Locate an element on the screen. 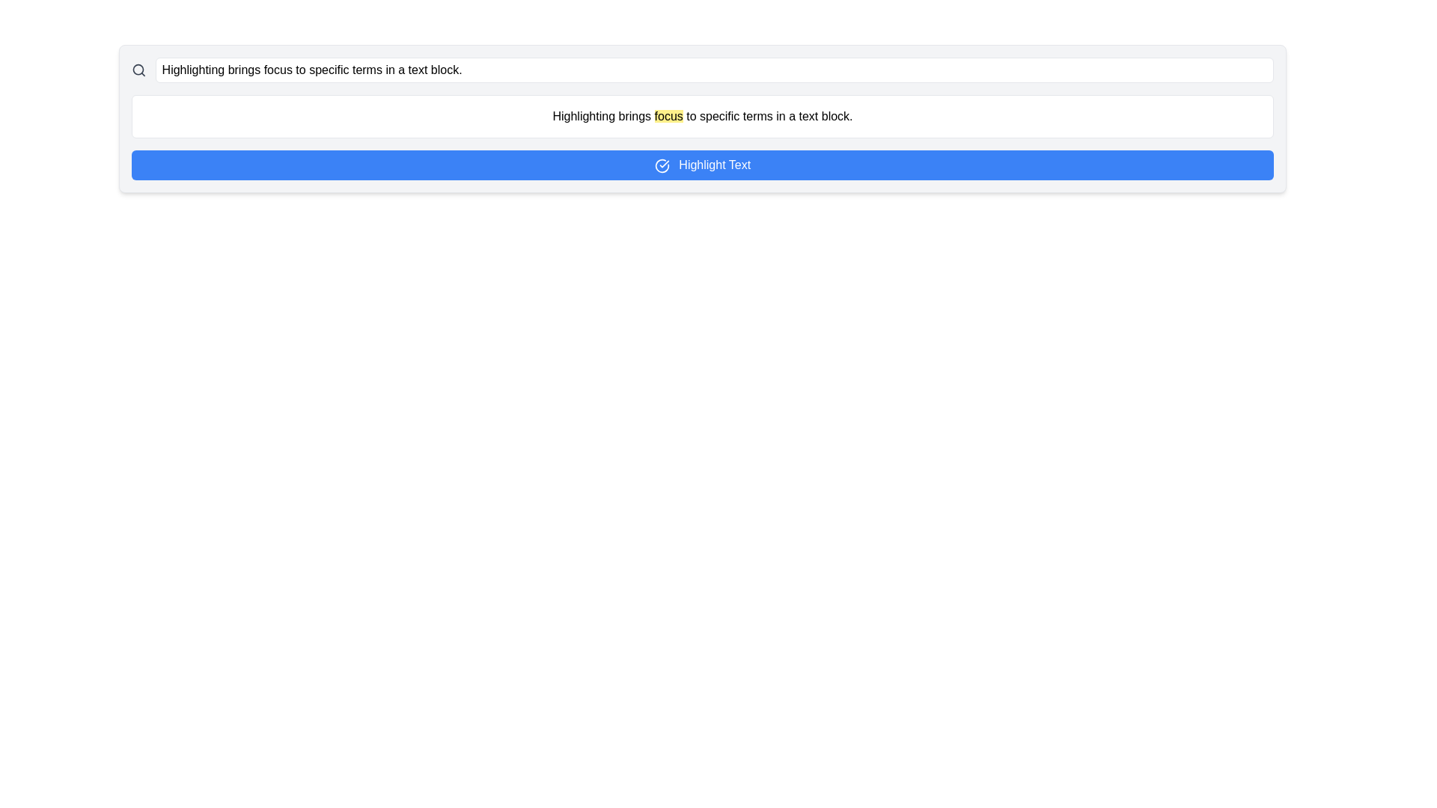 The height and width of the screenshot is (808, 1437). the icon located to the left of the 'Highlight Text' button, which serves as a visual indicator for the action is located at coordinates (661, 165).